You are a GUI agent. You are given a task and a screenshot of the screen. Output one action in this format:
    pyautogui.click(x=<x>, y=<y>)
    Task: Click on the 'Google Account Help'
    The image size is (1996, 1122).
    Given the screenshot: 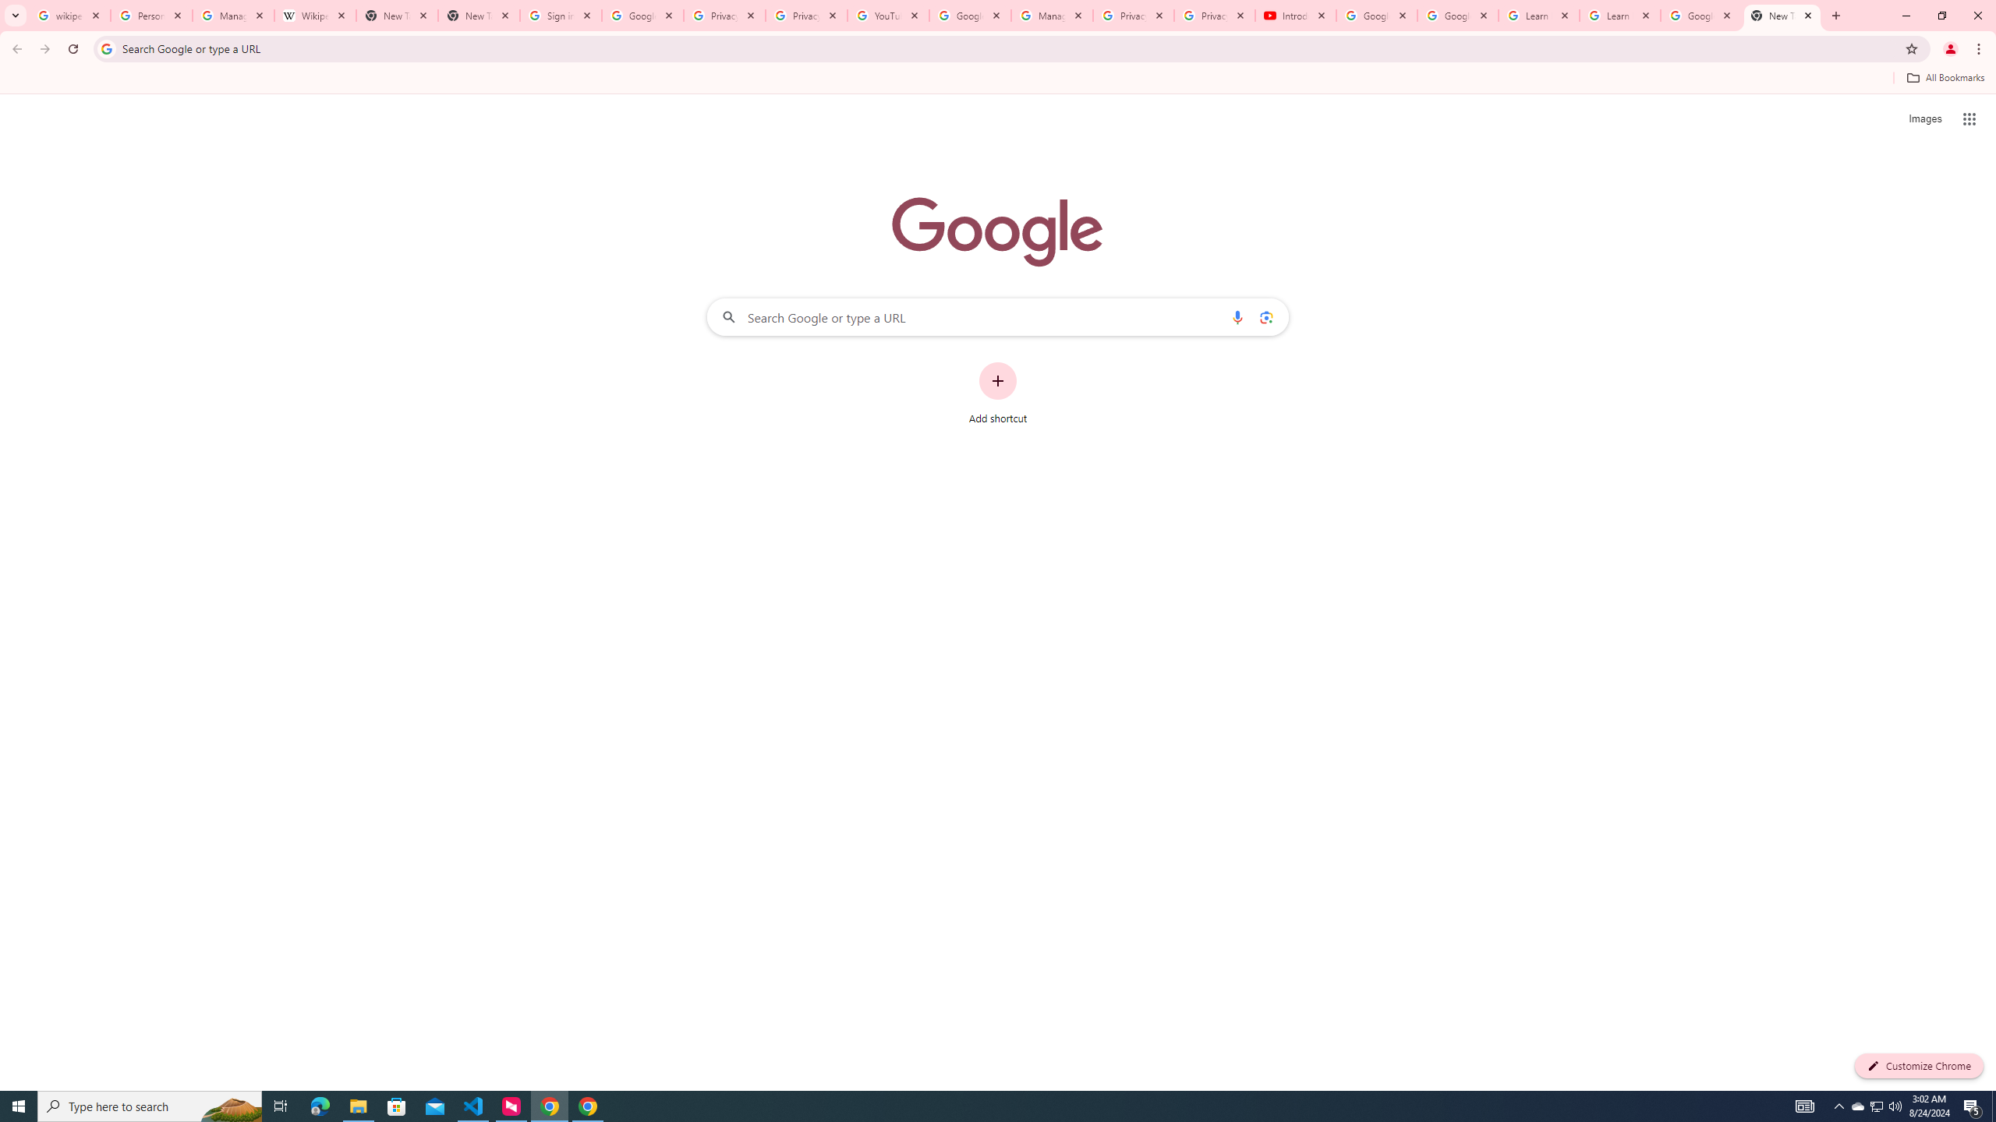 What is the action you would take?
    pyautogui.click(x=1458, y=15)
    